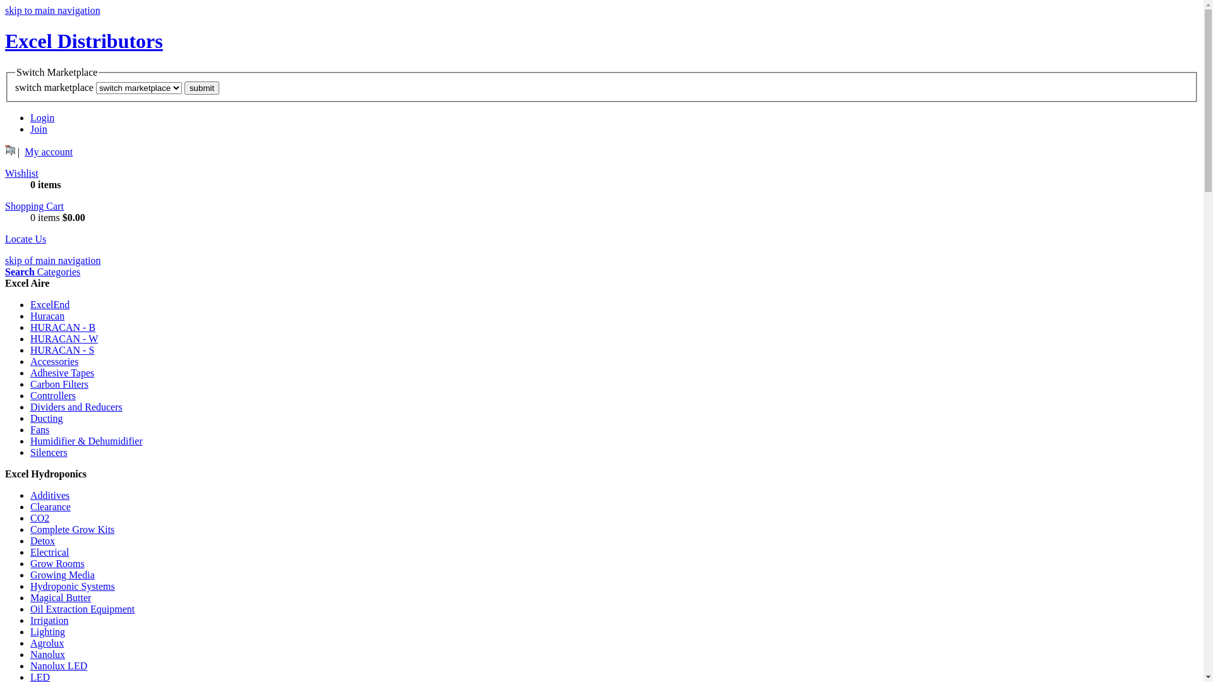 This screenshot has width=1213, height=682. I want to click on 'Magical Butter', so click(60, 597).